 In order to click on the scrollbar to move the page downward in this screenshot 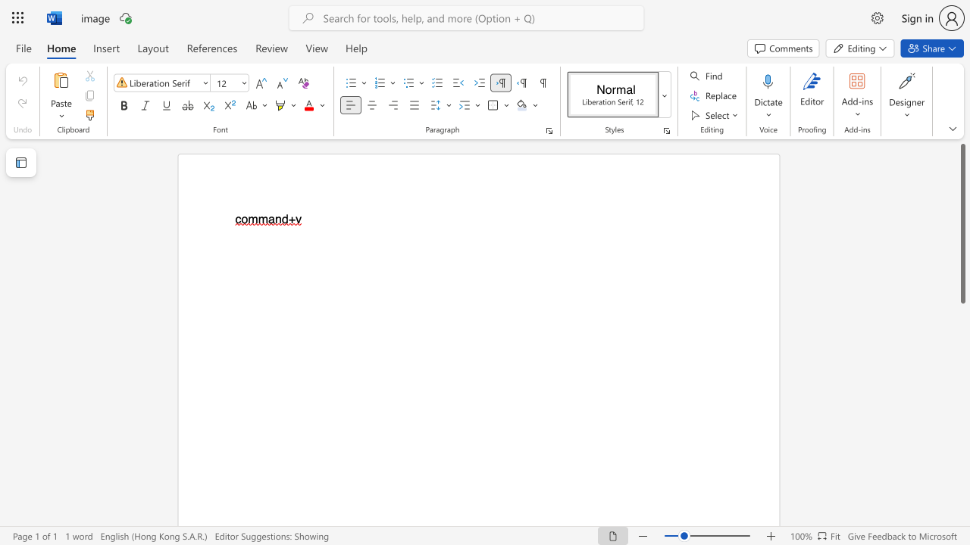, I will do `click(962, 371)`.